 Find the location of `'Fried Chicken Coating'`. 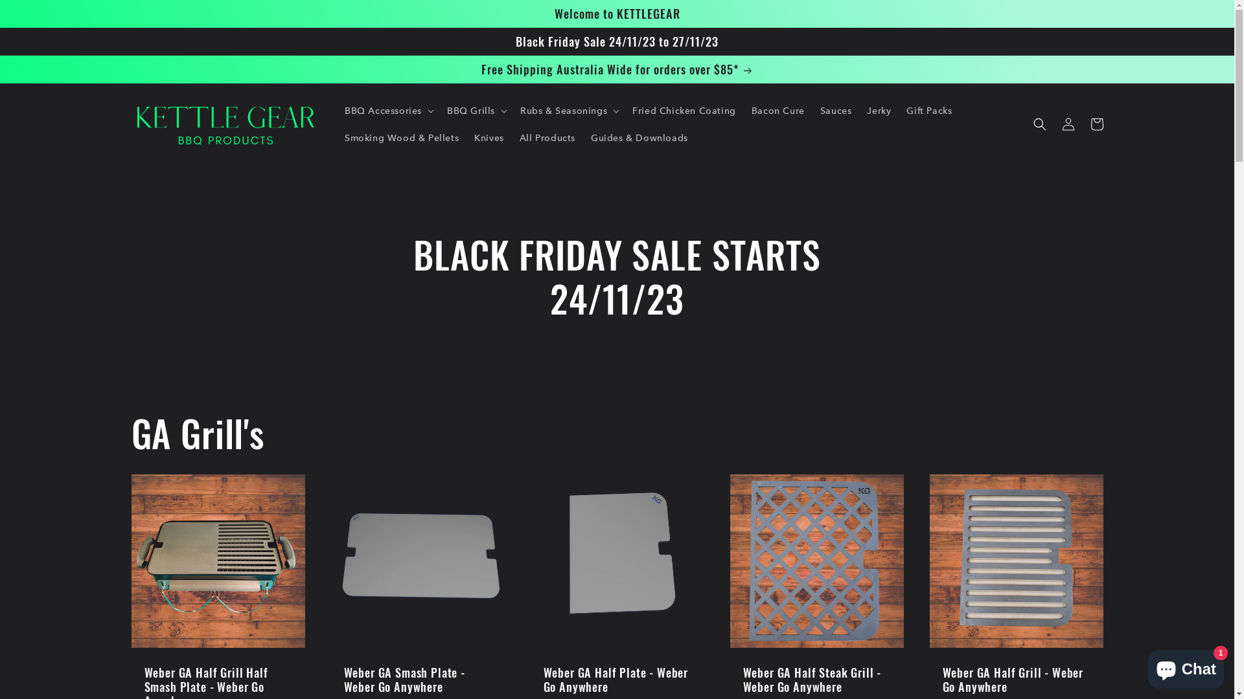

'Fried Chicken Coating' is located at coordinates (684, 109).